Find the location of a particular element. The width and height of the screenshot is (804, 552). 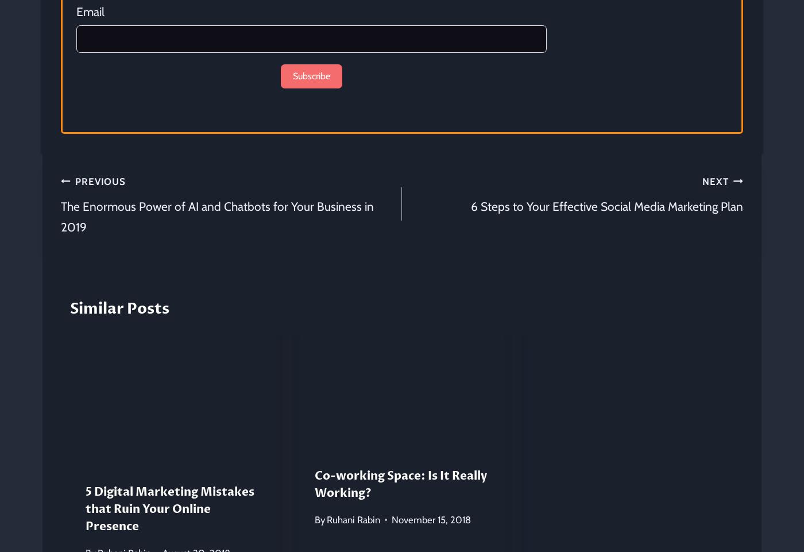

'Ruhani Rabin' is located at coordinates (353, 519).